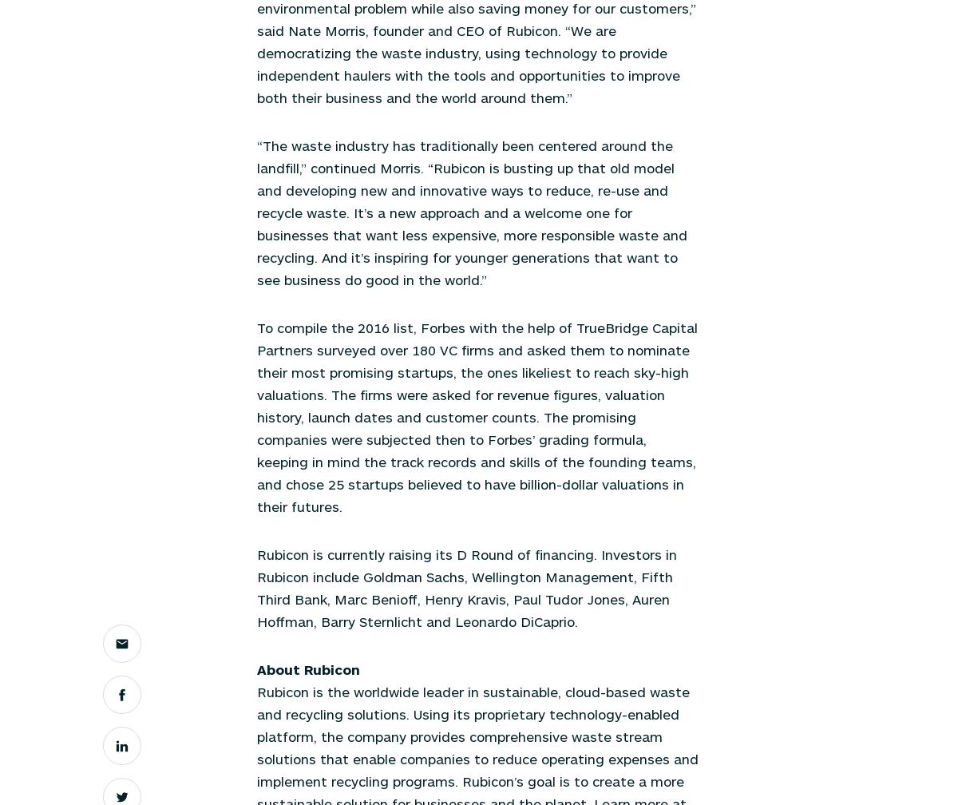  What do you see at coordinates (798, 69) in the screenshot?
I see `'Articles'` at bounding box center [798, 69].